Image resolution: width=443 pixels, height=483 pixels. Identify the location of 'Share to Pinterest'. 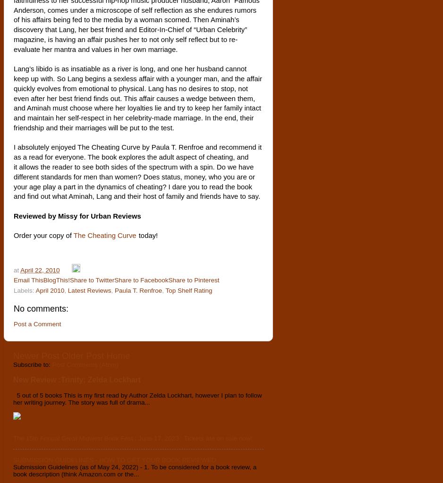
(193, 280).